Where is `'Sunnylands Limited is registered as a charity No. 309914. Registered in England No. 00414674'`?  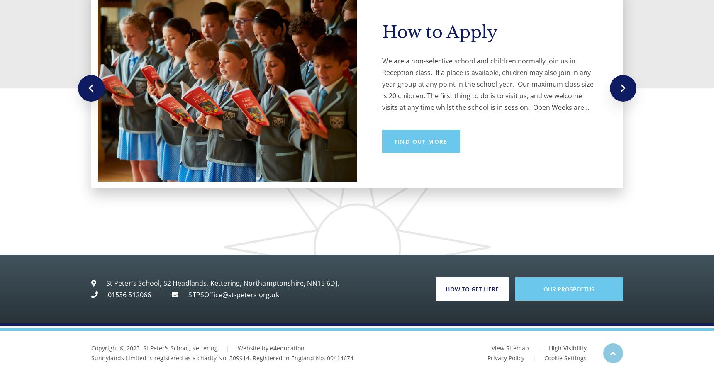
'Sunnylands Limited is registered as a charity No. 309914. Registered in England No. 00414674' is located at coordinates (222, 358).